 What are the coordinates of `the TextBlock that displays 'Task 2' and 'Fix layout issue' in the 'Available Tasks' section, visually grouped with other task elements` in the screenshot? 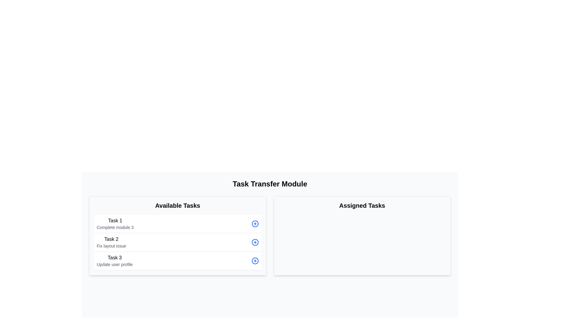 It's located at (111, 242).